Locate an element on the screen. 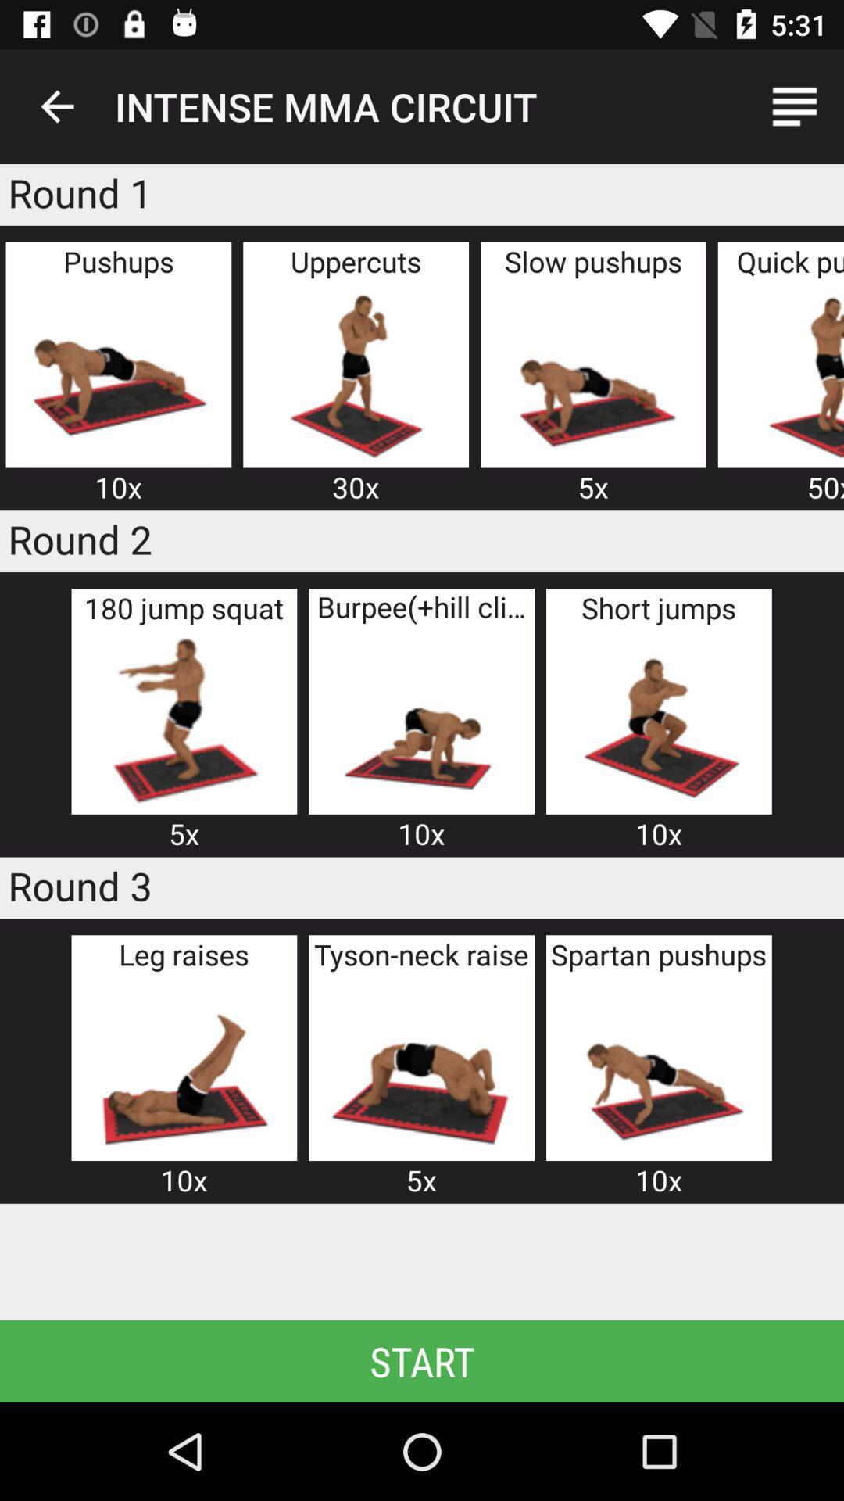 This screenshot has width=844, height=1501. quick punches option is located at coordinates (790, 373).